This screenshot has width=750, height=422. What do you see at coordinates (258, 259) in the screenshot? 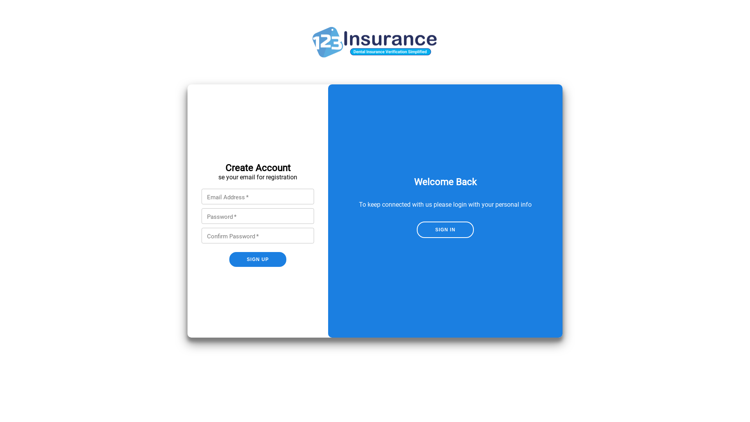
I see `'SIGN UP'` at bounding box center [258, 259].